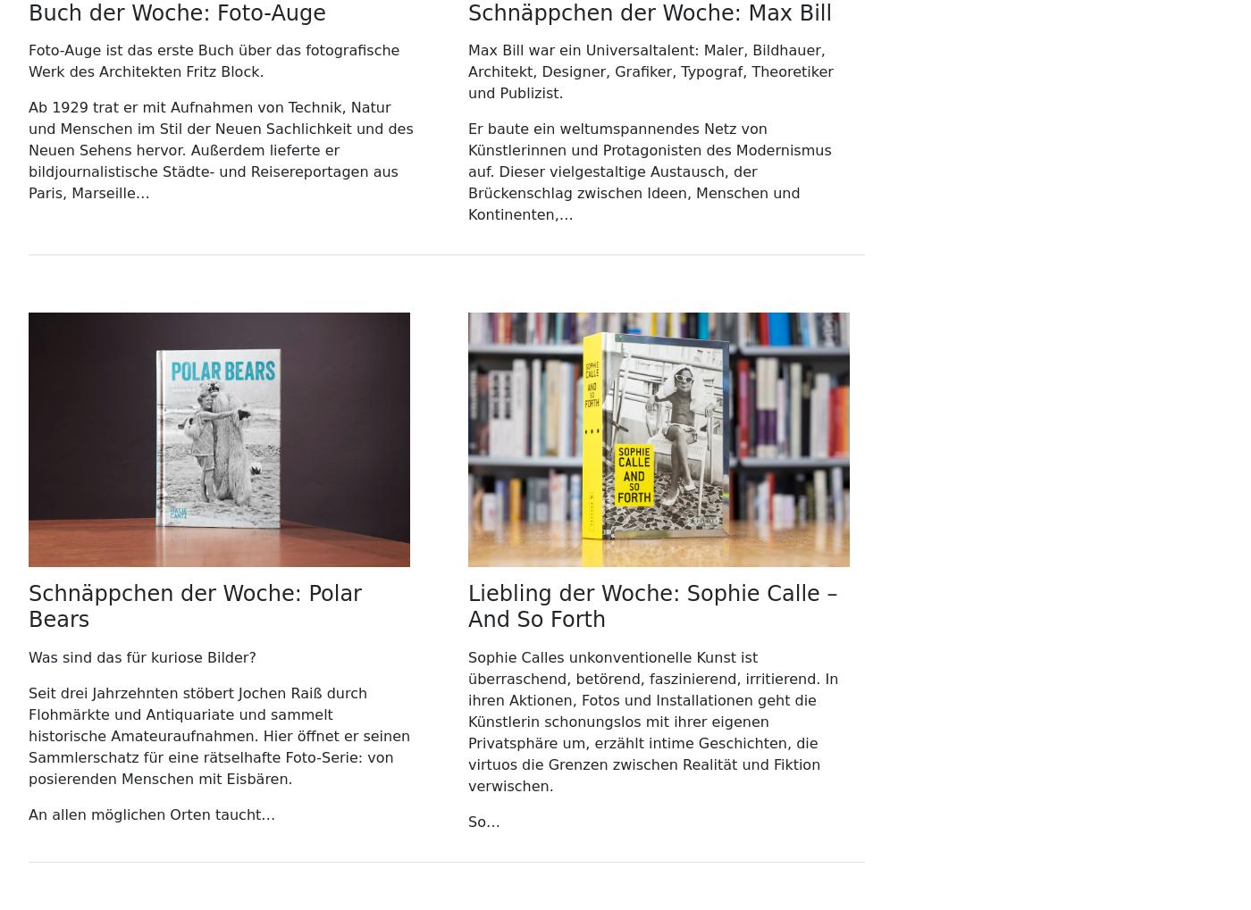 The image size is (1251, 910). I want to click on 'info@artbookcologne.de', so click(555, 171).